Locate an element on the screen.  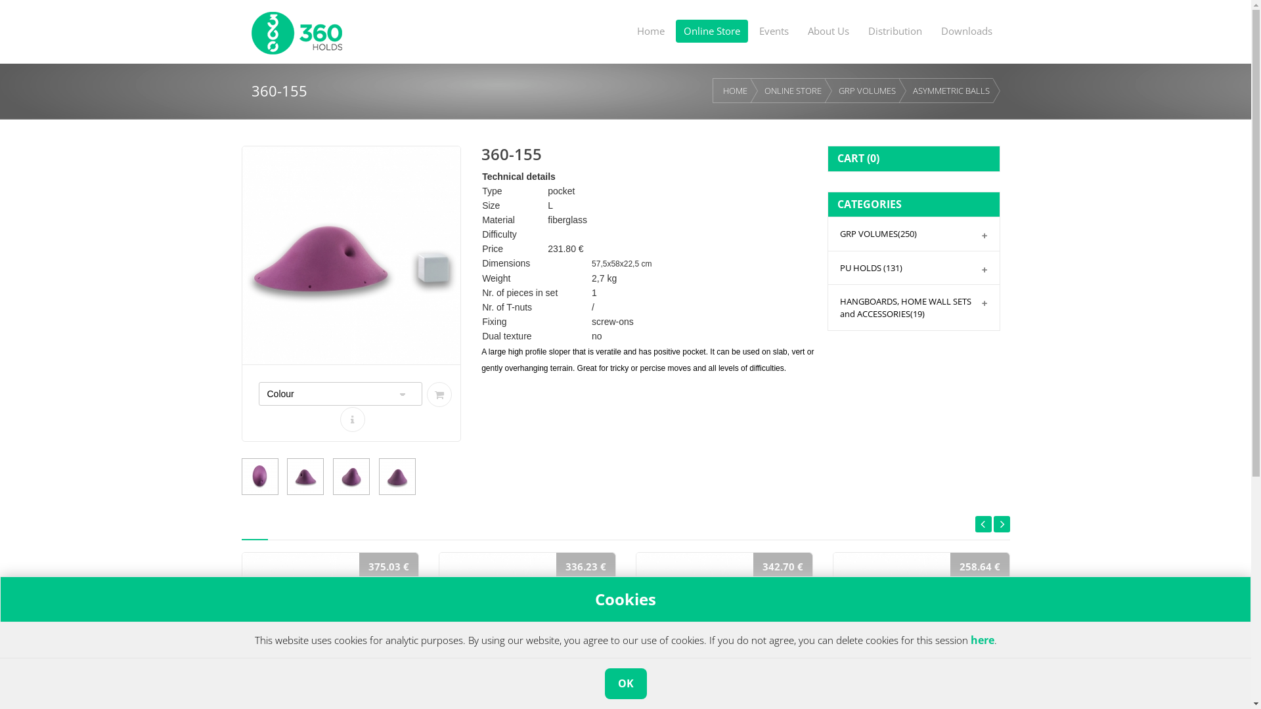
'HANGBOARDS, HOME WALL SETS and ACCESSORIES(19)' is located at coordinates (913, 307).